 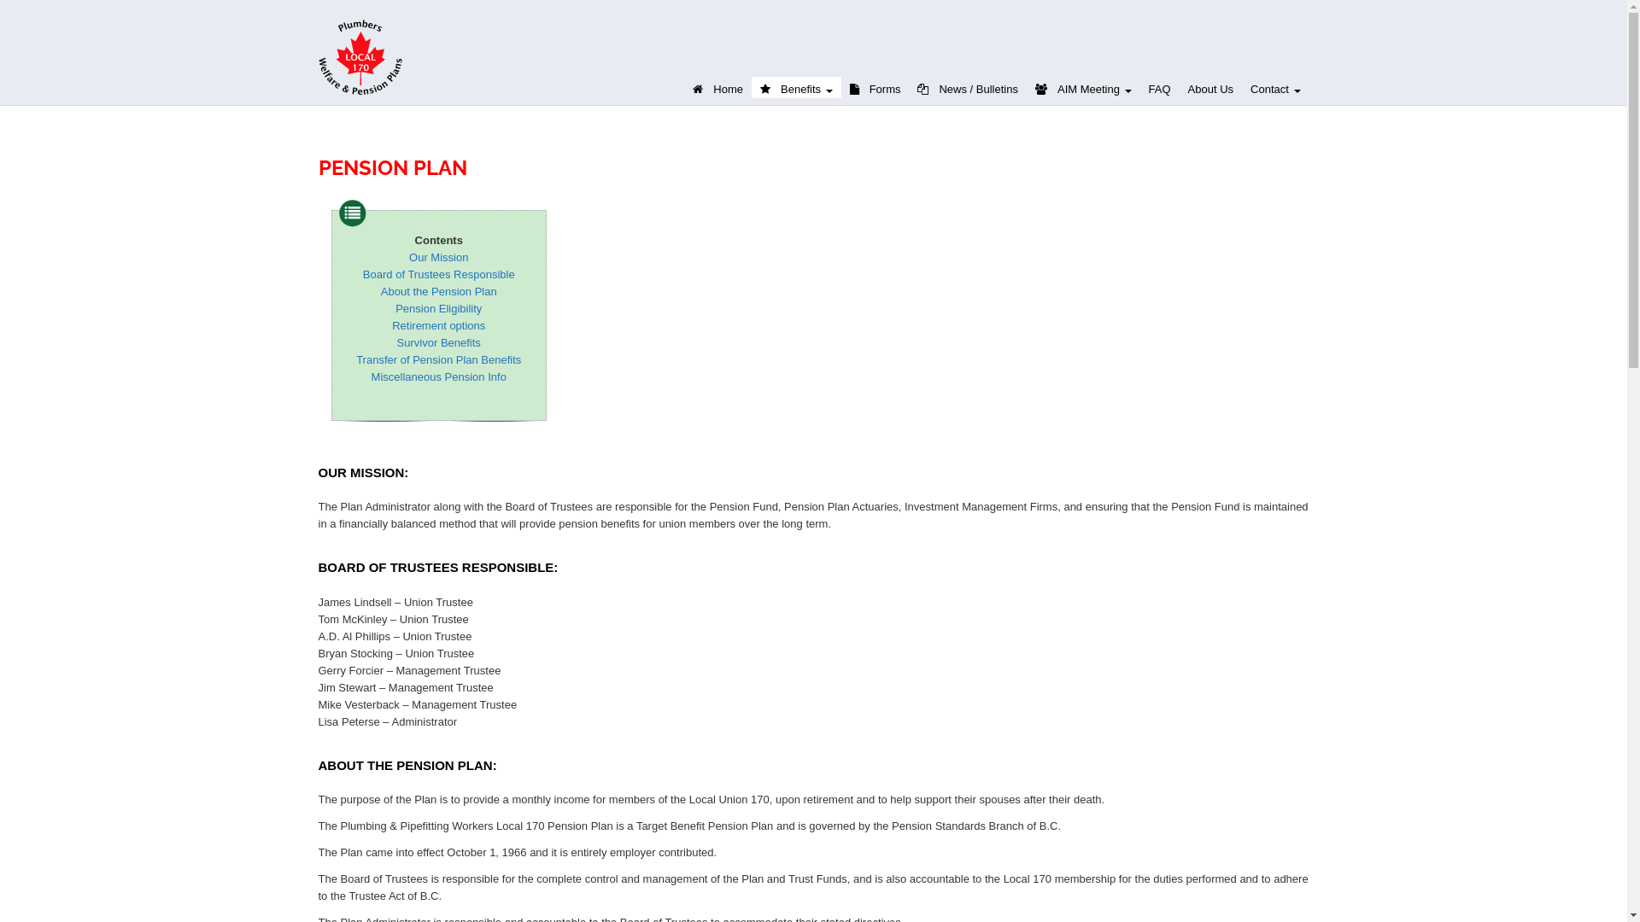 What do you see at coordinates (438, 257) in the screenshot?
I see `'Our Mission'` at bounding box center [438, 257].